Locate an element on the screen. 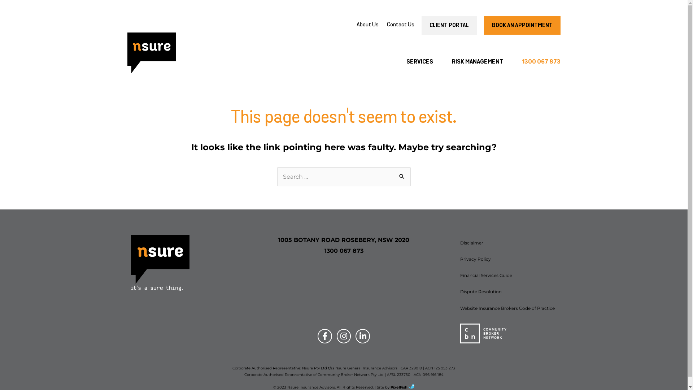 The height and width of the screenshot is (390, 693). 'PixelFish' is located at coordinates (402, 387).